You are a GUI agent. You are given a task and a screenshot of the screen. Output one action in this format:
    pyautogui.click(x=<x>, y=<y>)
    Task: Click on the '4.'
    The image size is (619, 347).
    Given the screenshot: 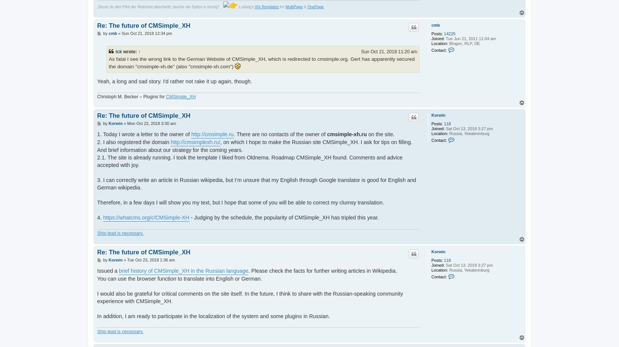 What is the action you would take?
    pyautogui.click(x=100, y=217)
    